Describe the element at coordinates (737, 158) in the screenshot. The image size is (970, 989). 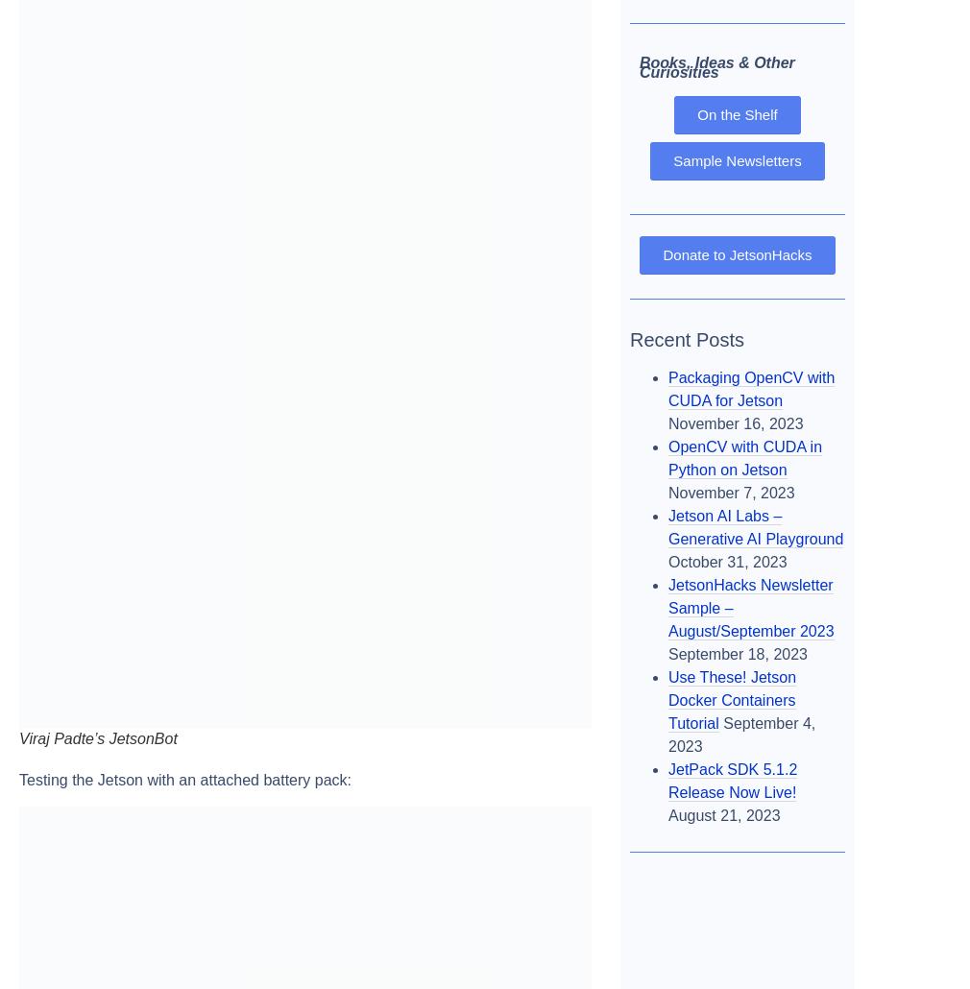
I see `'Sample Newsletters'` at that location.